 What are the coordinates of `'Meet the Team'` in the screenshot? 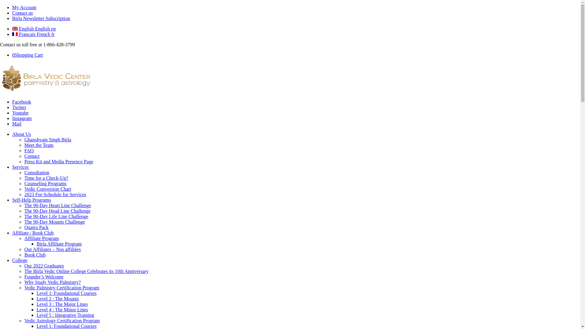 It's located at (24, 145).